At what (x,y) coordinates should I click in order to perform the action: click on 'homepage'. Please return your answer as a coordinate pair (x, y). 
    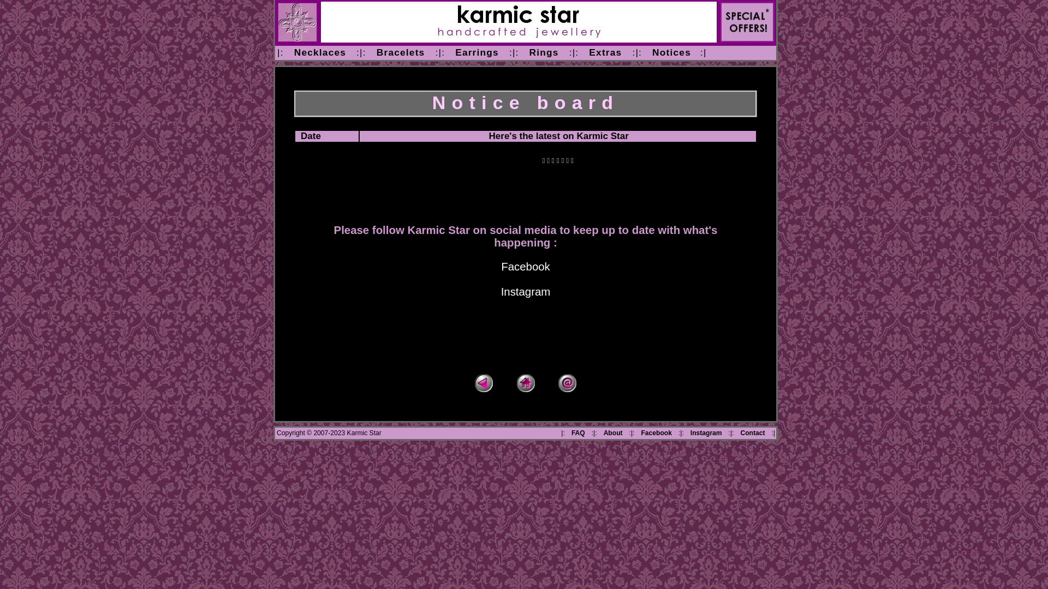
    Looking at the image, I should click on (297, 22).